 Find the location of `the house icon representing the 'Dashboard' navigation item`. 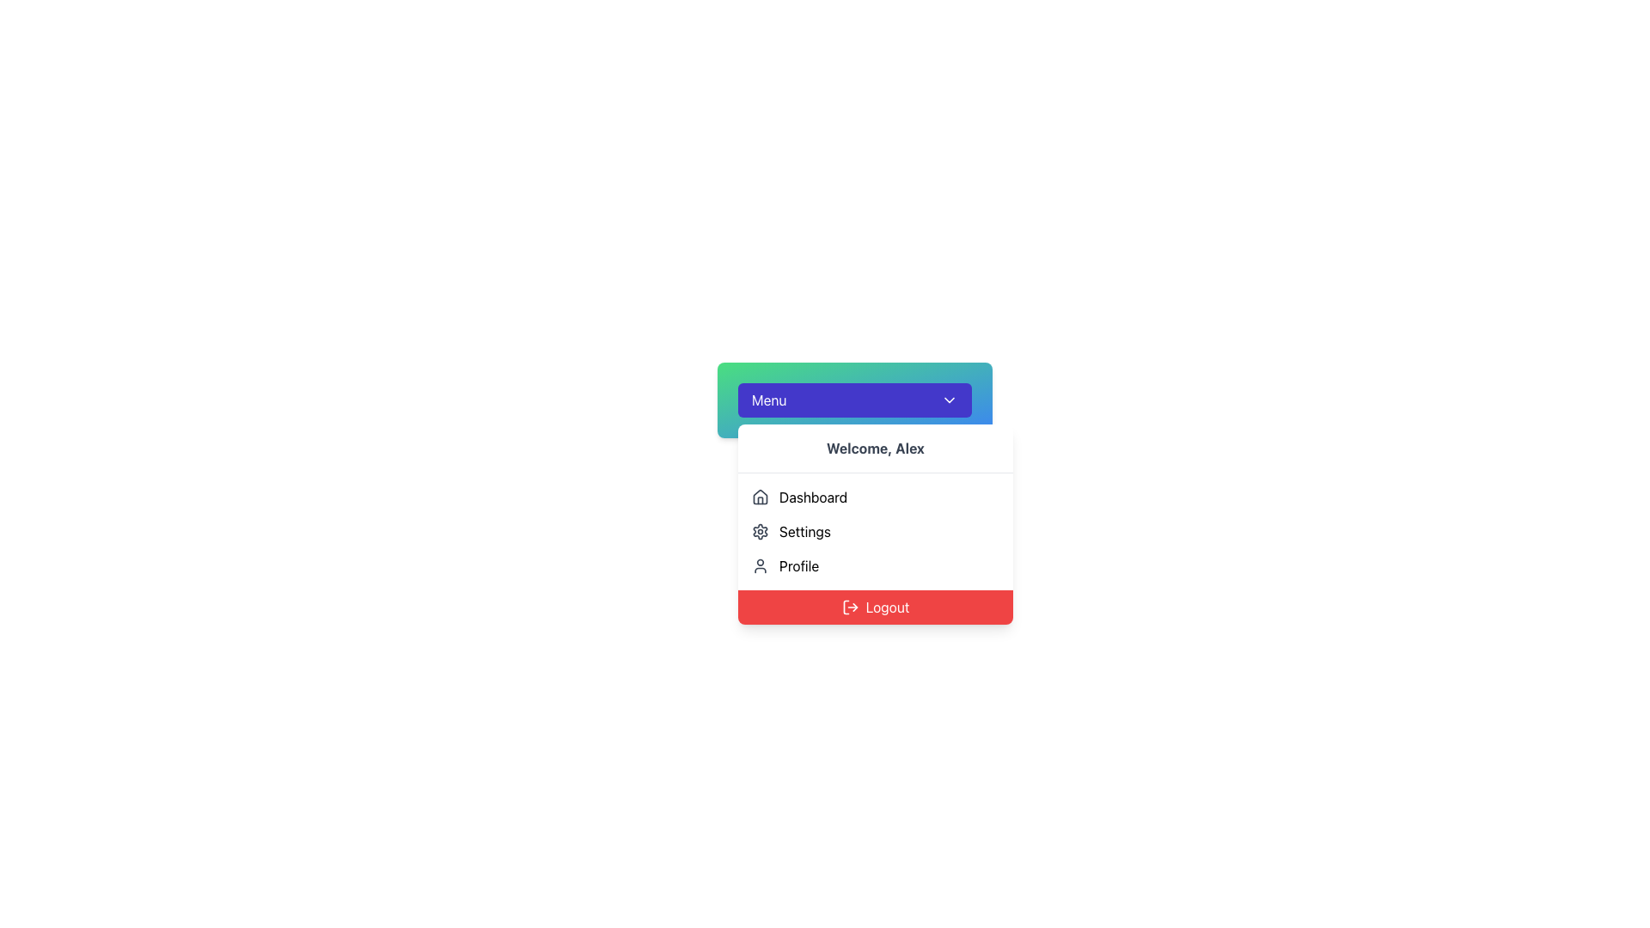

the house icon representing the 'Dashboard' navigation item is located at coordinates (759, 497).